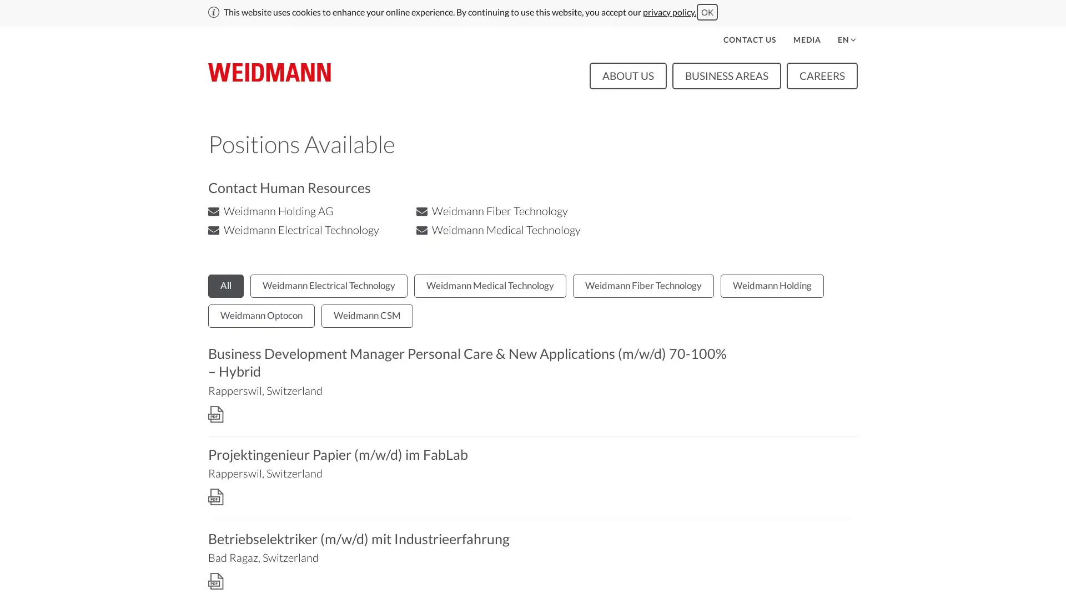  Describe the element at coordinates (643, 260) in the screenshot. I see `Weidmann Fiber Technology` at that location.